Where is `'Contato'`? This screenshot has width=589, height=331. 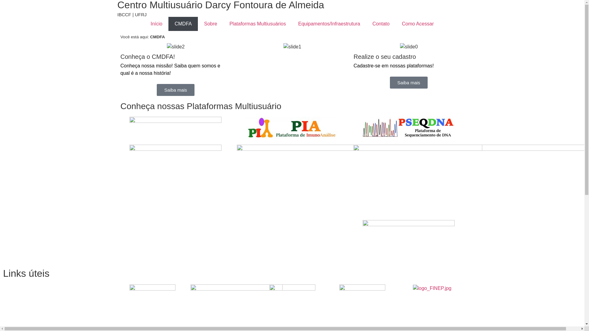 'Contato' is located at coordinates (381, 23).